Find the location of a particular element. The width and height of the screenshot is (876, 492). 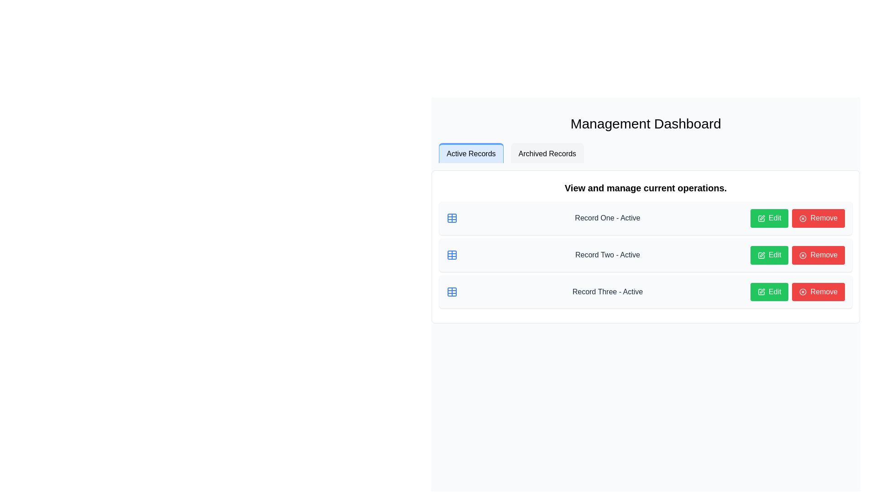

'Remove' icon element located inside the 'Remove' button, positioned left of the 'Remove' label for 'Record Two - Active', using developer tools is located at coordinates (803, 255).